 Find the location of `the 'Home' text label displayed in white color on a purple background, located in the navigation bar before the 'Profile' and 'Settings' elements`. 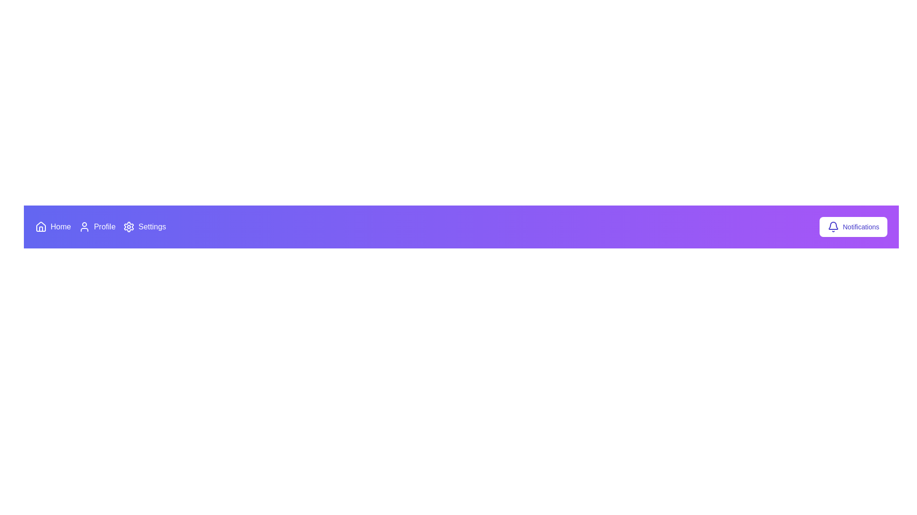

the 'Home' text label displayed in white color on a purple background, located in the navigation bar before the 'Profile' and 'Settings' elements is located at coordinates (60, 227).